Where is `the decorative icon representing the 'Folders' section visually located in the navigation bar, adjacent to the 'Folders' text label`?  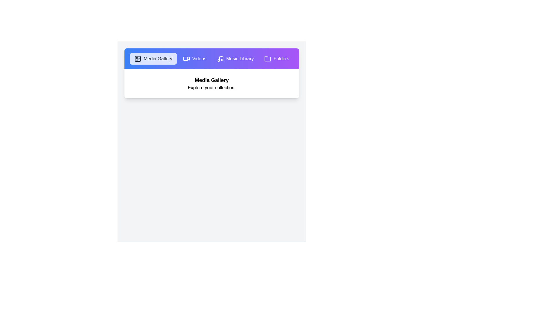
the decorative icon representing the 'Folders' section visually located in the navigation bar, adjacent to the 'Folders' text label is located at coordinates (267, 59).